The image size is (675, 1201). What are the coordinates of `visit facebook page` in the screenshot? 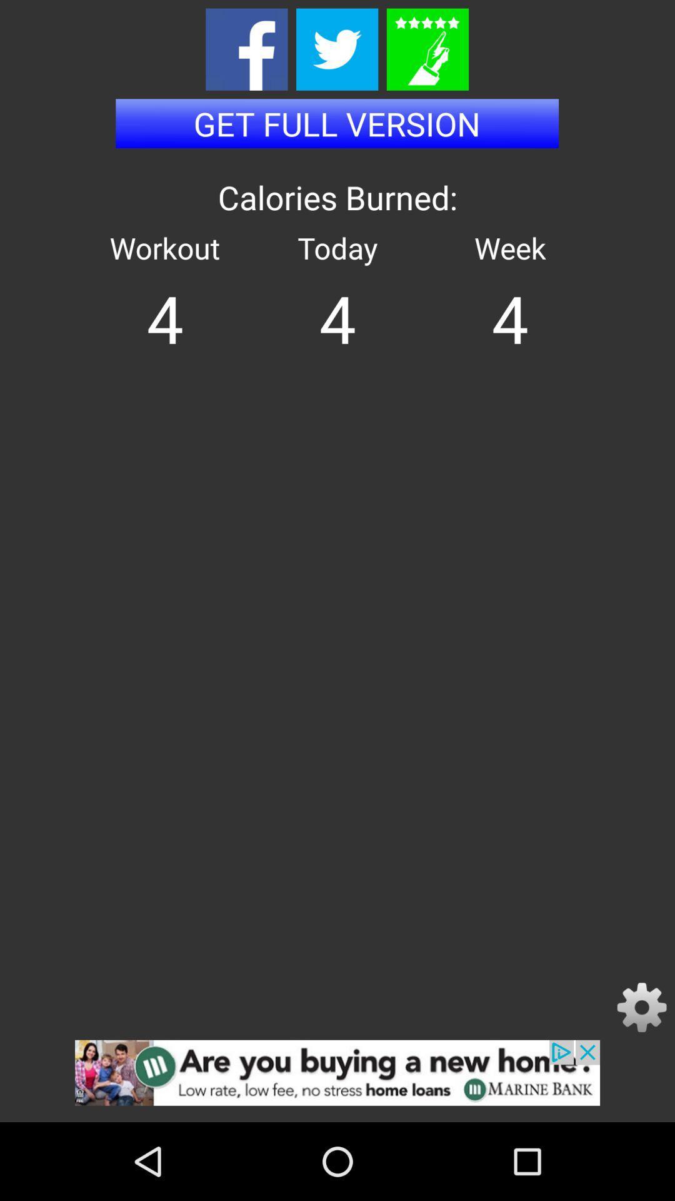 It's located at (246, 49).